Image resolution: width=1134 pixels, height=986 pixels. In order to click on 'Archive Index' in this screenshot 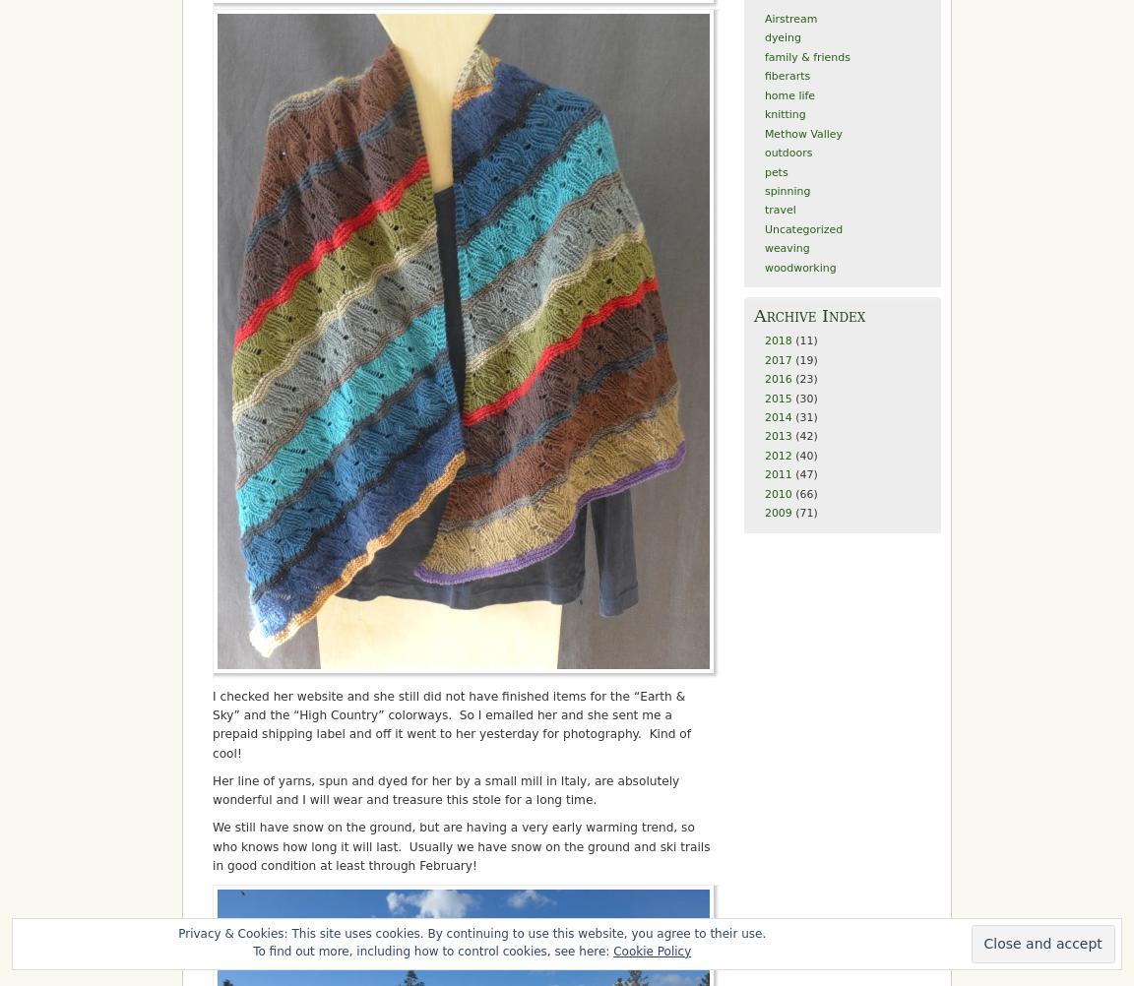, I will do `click(809, 315)`.